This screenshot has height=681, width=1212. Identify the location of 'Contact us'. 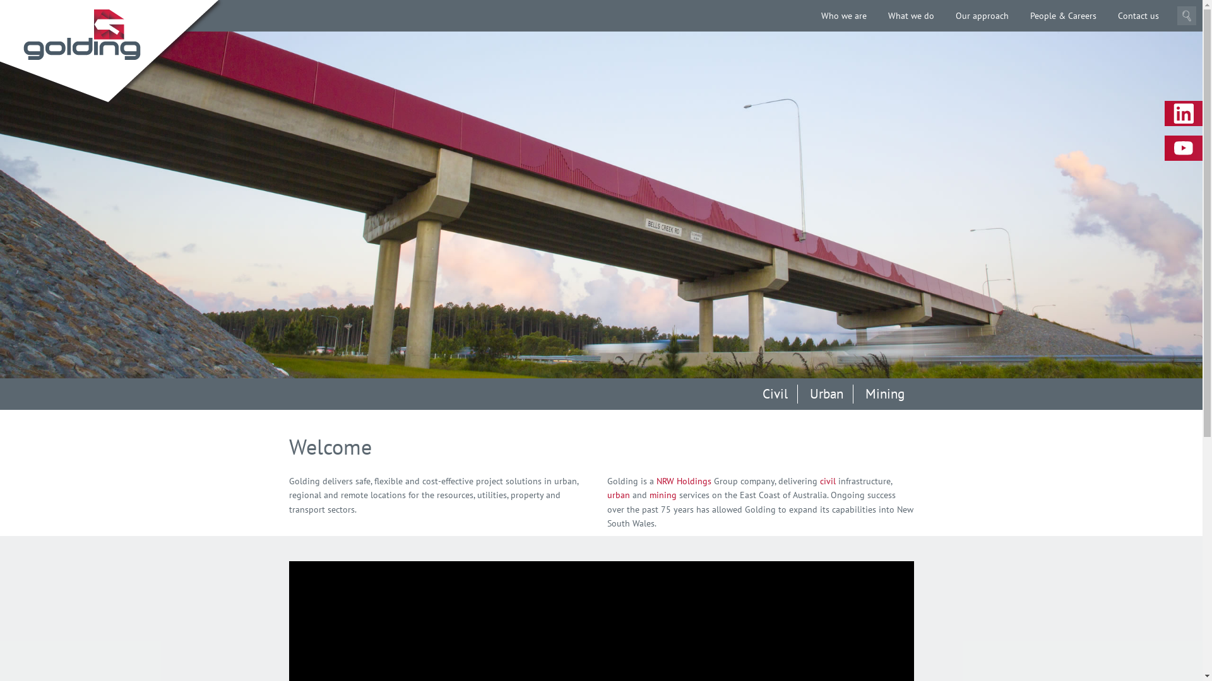
(1138, 15).